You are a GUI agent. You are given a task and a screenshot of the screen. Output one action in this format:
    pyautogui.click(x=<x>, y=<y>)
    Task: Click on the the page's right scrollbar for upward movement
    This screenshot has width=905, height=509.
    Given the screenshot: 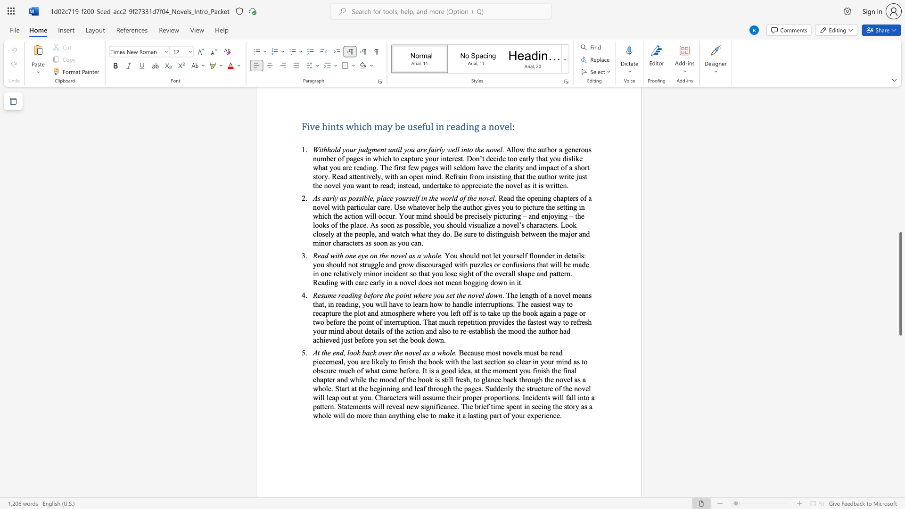 What is the action you would take?
    pyautogui.click(x=900, y=132)
    